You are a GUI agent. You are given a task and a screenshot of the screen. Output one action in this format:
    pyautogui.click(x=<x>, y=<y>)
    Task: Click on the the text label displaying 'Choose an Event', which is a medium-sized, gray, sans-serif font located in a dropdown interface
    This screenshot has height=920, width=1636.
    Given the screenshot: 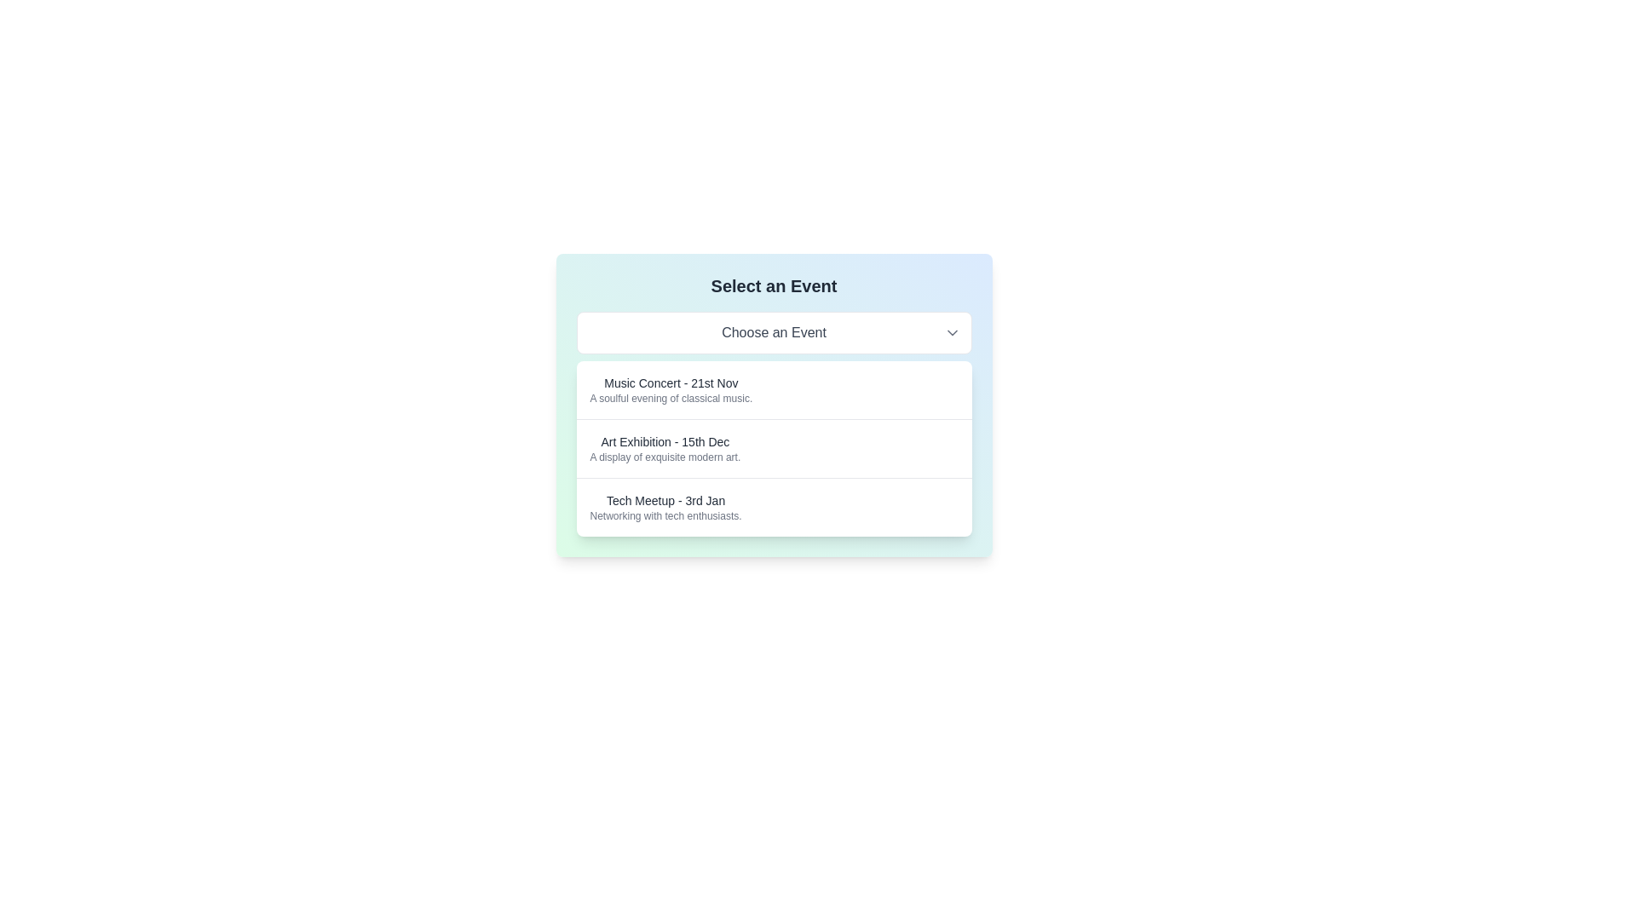 What is the action you would take?
    pyautogui.click(x=773, y=332)
    